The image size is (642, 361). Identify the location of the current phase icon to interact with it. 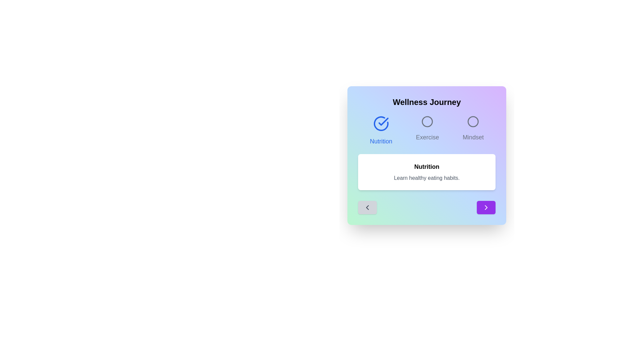
(381, 124).